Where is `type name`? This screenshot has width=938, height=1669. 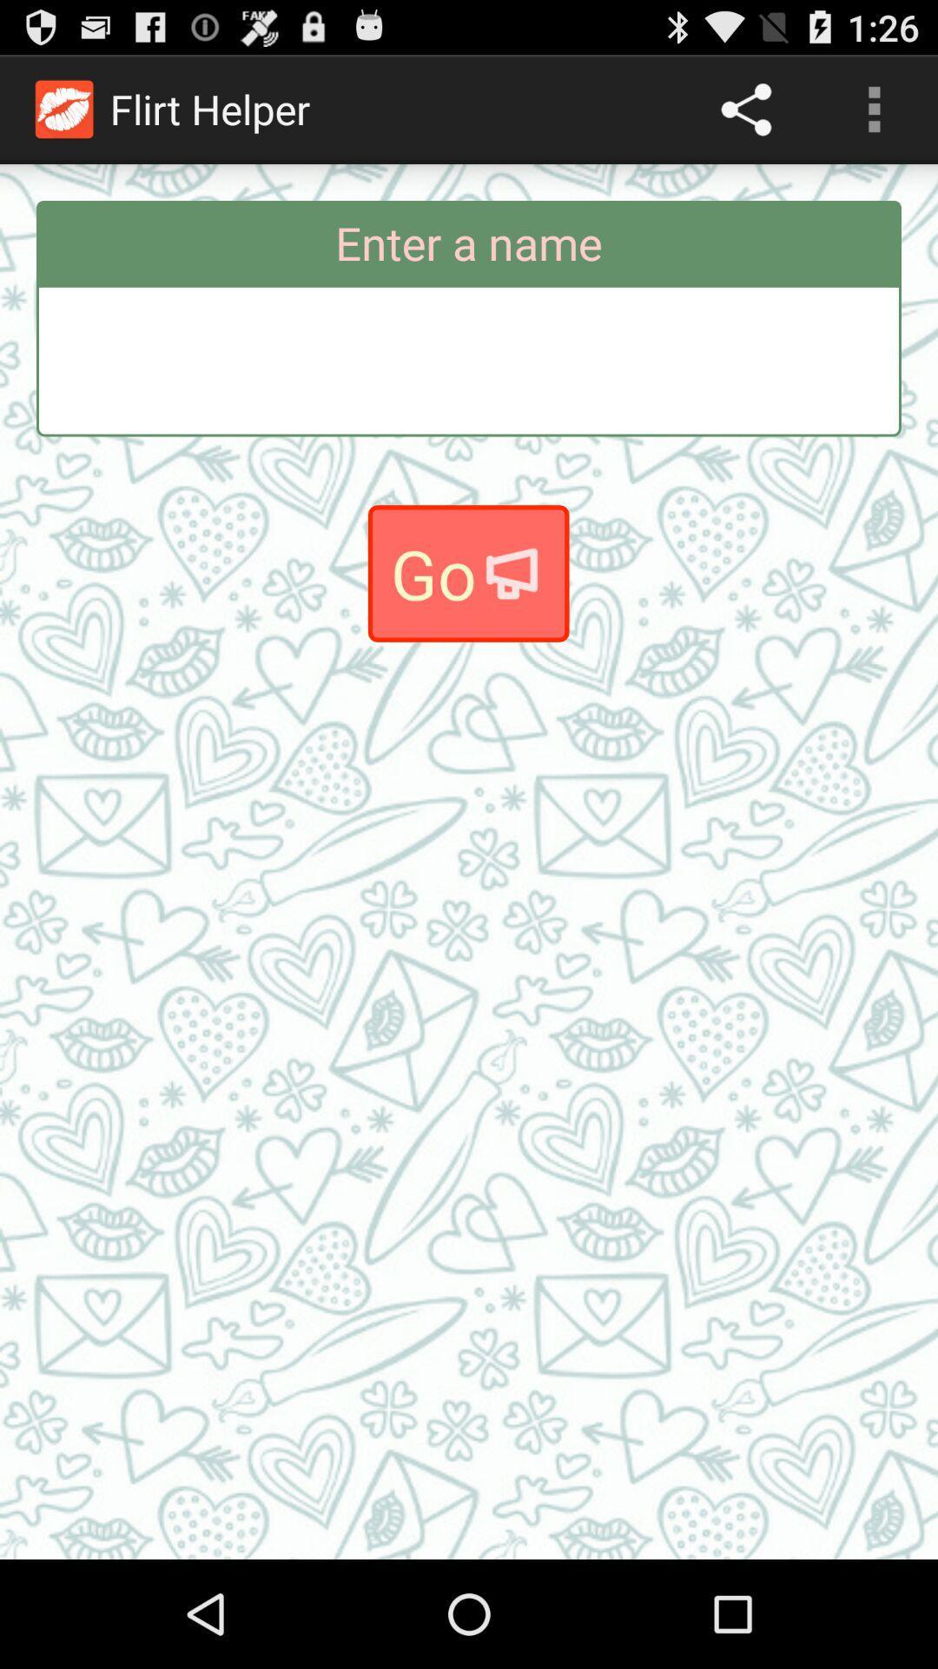
type name is located at coordinates (469, 360).